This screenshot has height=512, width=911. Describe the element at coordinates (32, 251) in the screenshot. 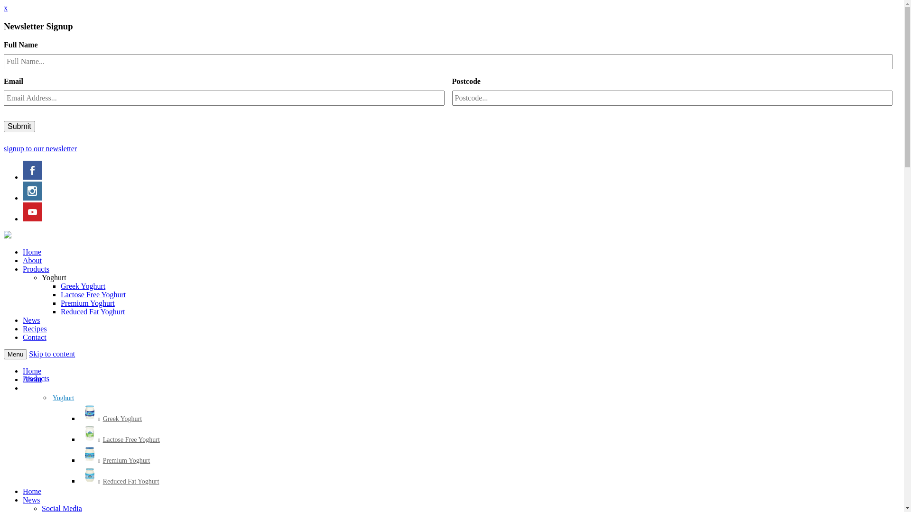

I see `'Home'` at that location.